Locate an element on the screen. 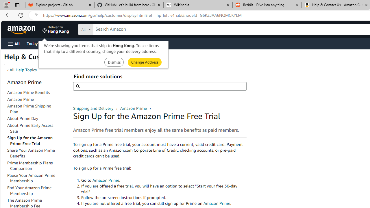 The width and height of the screenshot is (370, 208). 'End Your Amazon Prime Membership' is located at coordinates (29, 190).